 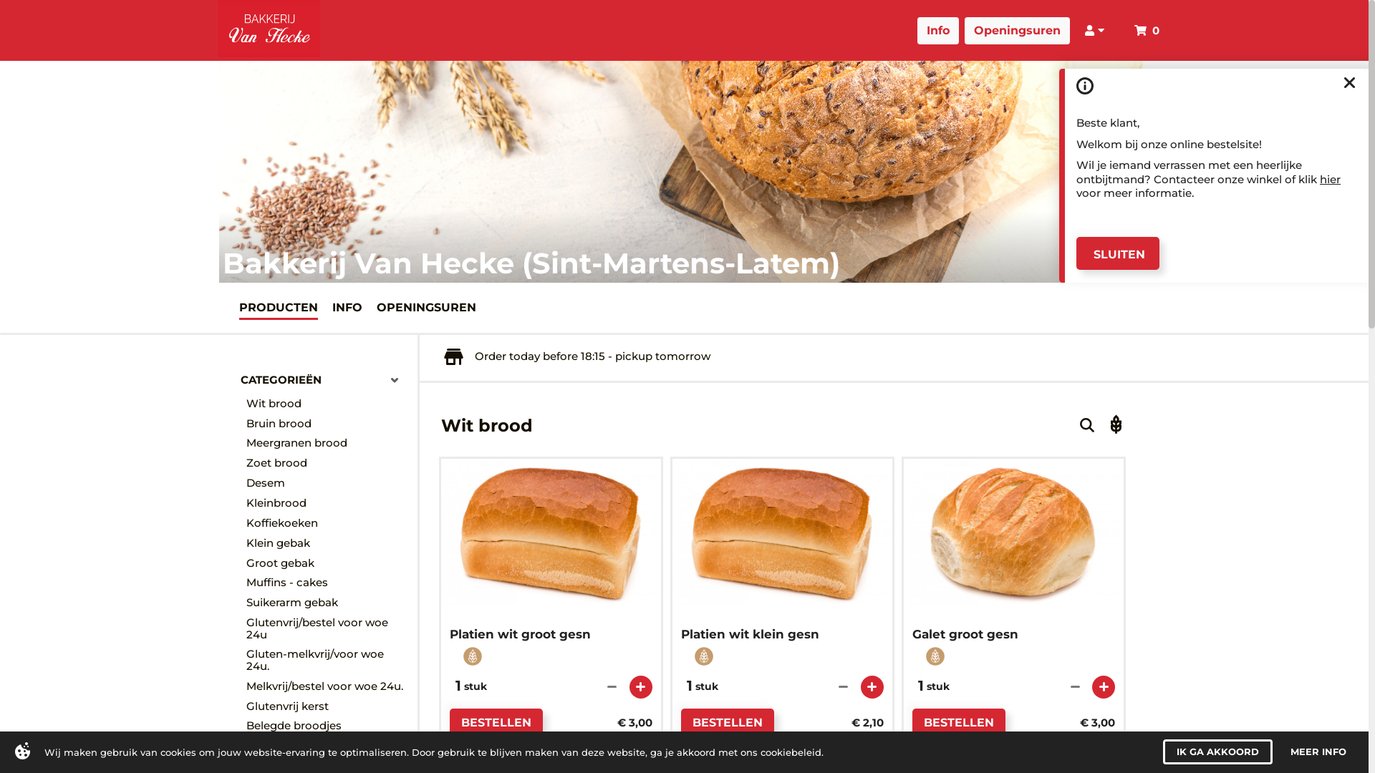 I want to click on 'Zoet brood', so click(x=327, y=463).